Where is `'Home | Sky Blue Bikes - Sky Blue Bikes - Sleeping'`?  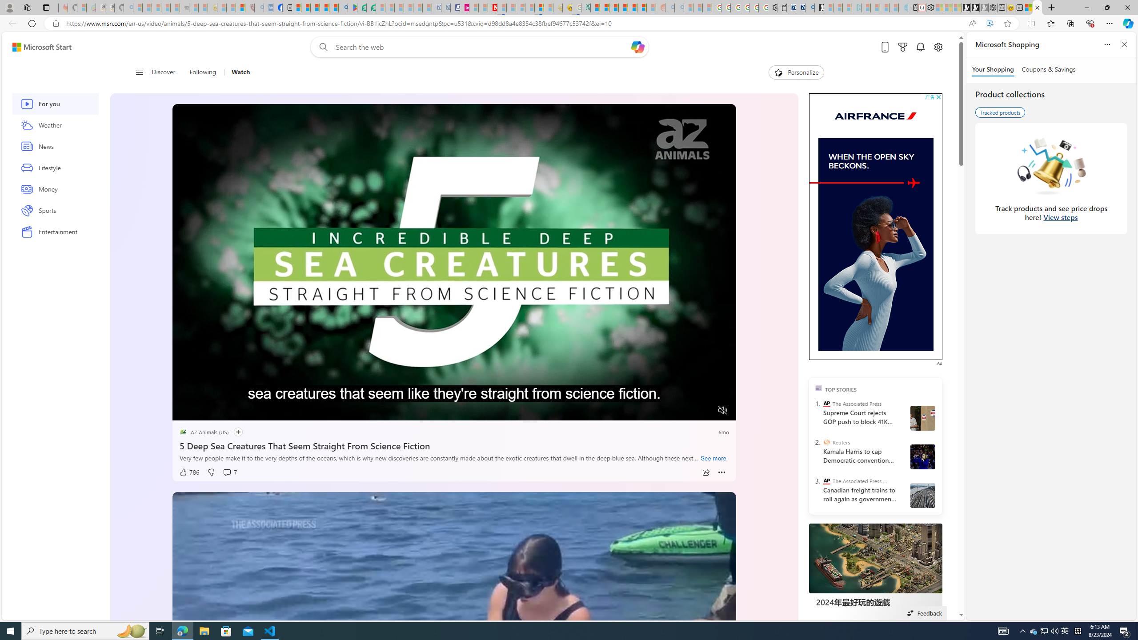 'Home | Sky Blue Bikes - Sky Blue Bikes - Sleeping' is located at coordinates (902, 7).